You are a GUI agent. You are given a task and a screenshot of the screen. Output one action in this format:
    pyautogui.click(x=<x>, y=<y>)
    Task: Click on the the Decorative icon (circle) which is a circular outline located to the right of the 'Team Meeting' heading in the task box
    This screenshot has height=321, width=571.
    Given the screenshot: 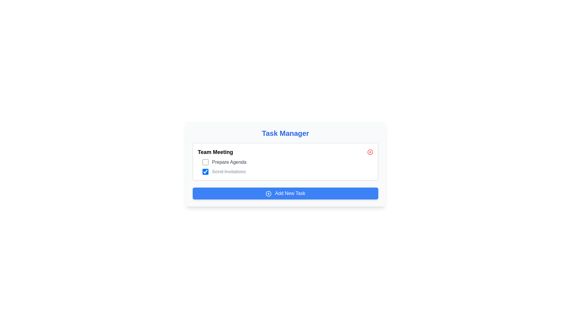 What is the action you would take?
    pyautogui.click(x=370, y=151)
    